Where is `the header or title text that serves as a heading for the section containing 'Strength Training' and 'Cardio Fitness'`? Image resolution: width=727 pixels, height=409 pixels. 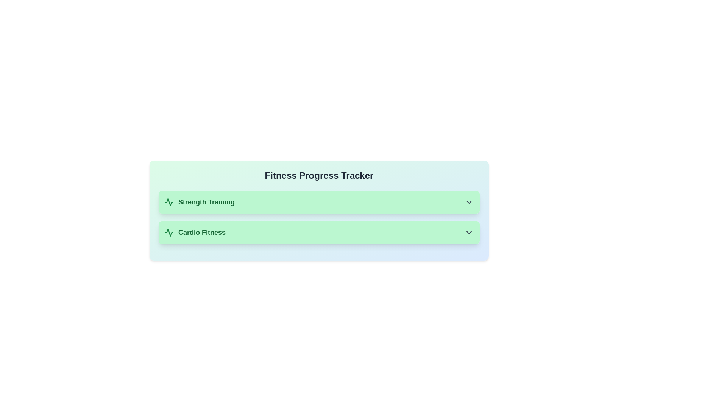
the header or title text that serves as a heading for the section containing 'Strength Training' and 'Cardio Fitness' is located at coordinates (319, 175).